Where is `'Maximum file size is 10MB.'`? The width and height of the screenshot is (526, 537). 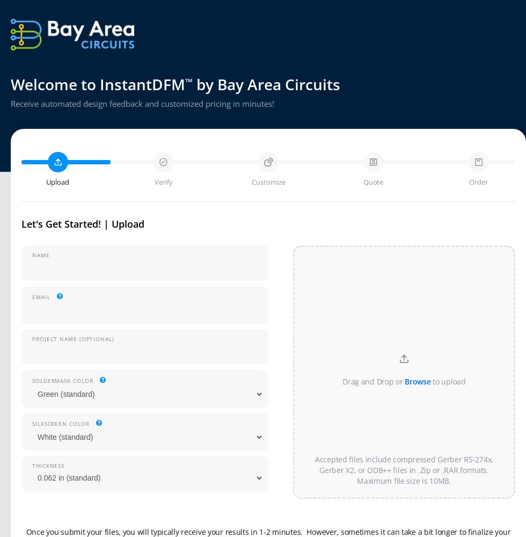
'Maximum file size is 10MB.' is located at coordinates (357, 481).